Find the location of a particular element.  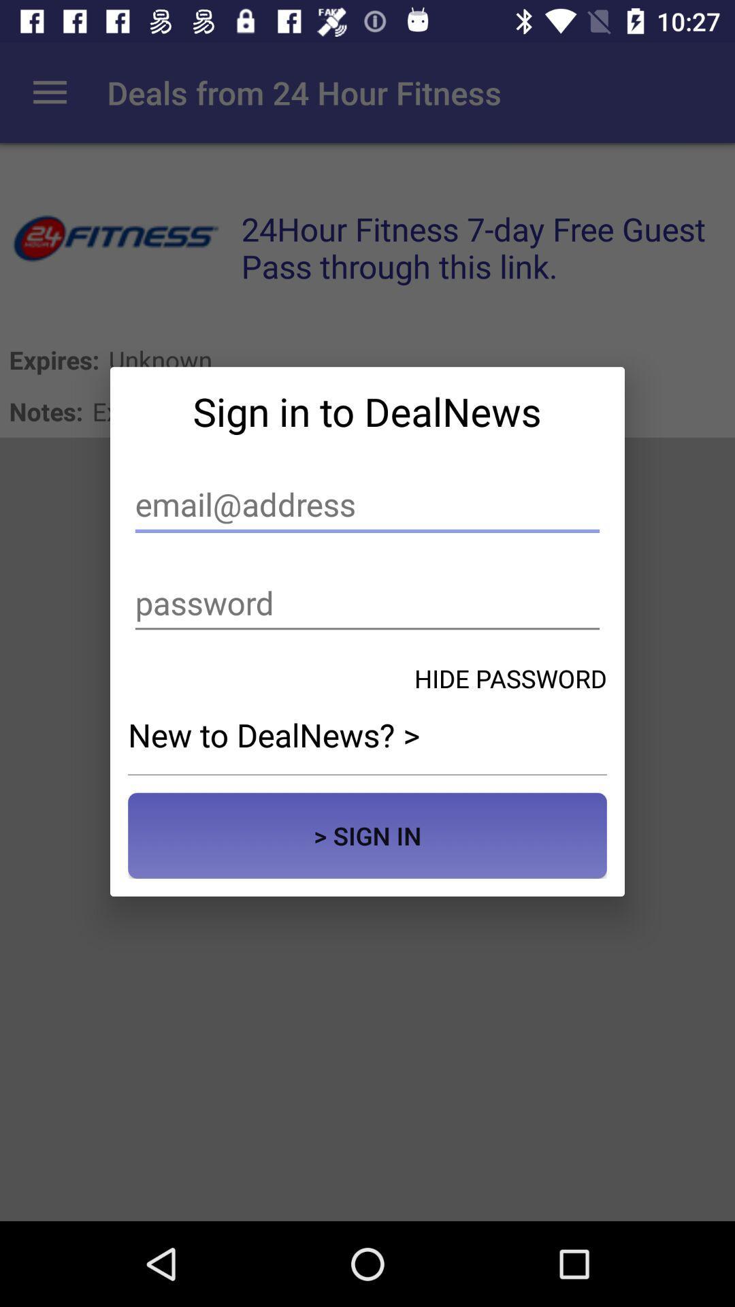

email is located at coordinates (367, 504).